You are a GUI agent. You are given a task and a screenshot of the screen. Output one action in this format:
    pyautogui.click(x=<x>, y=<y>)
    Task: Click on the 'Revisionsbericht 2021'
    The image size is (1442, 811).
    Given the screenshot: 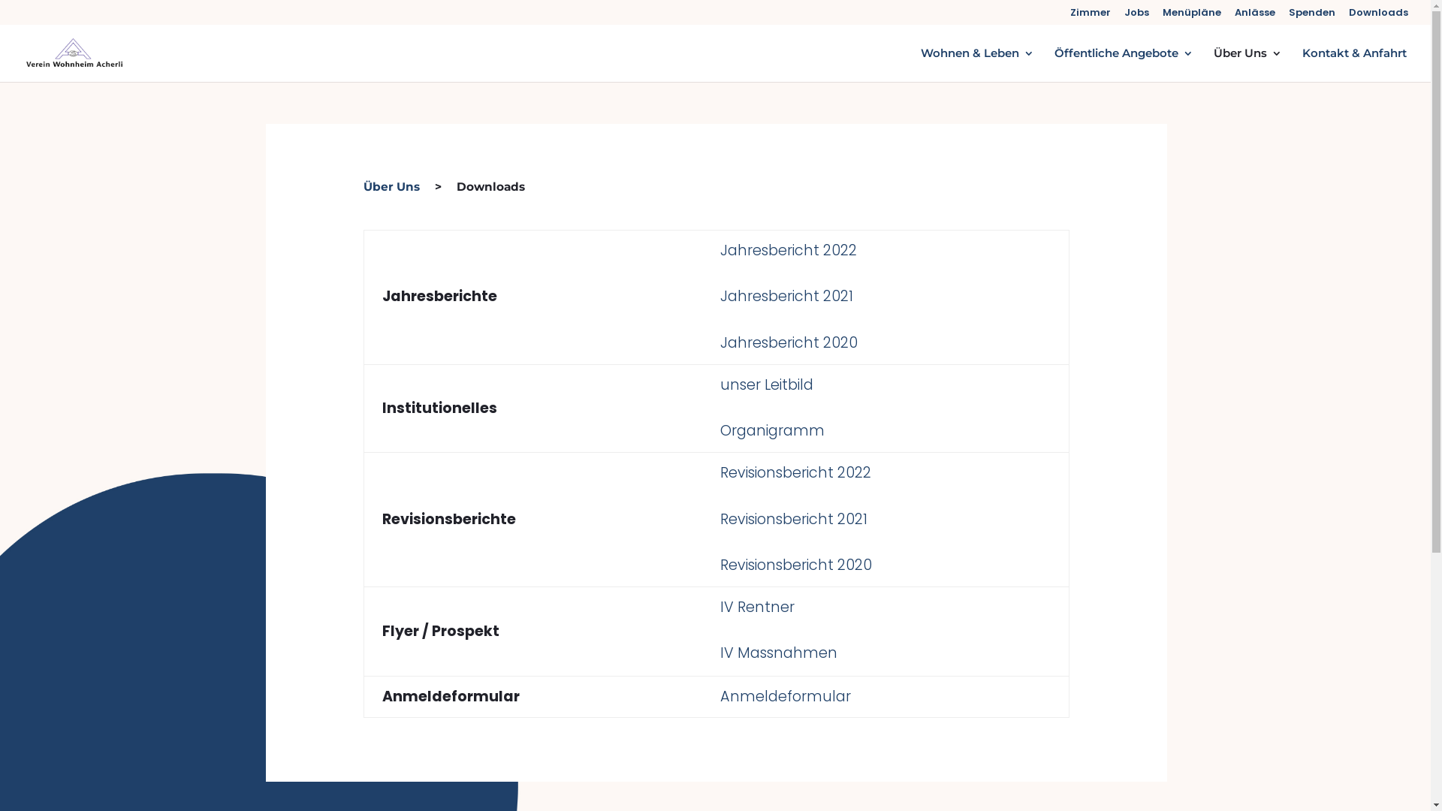 What is the action you would take?
    pyautogui.click(x=792, y=518)
    